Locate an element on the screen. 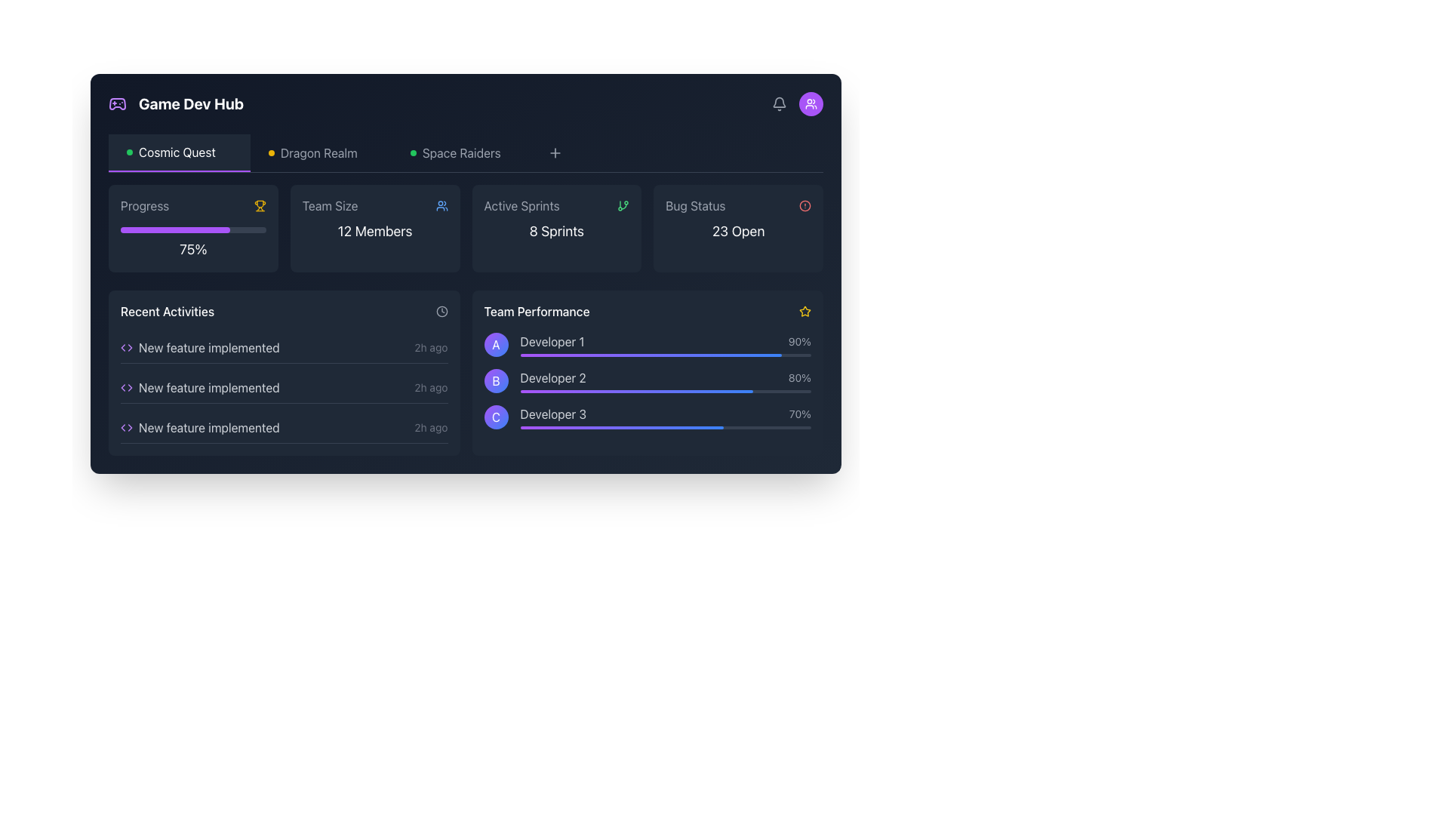  the progress indicator for 'Developer 2', which visually represents the progress or achievement level with percentage and a color-coded bar, located in the 'Team Performance' section is located at coordinates (665, 380).